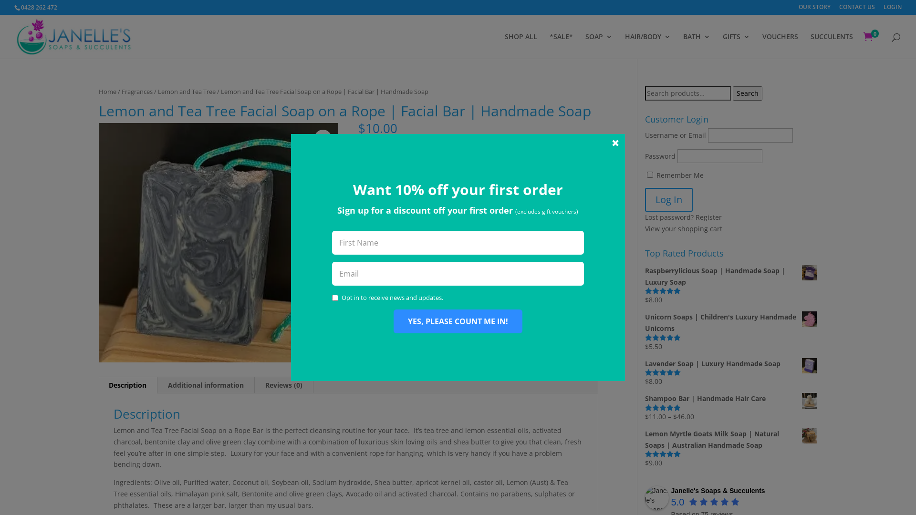  What do you see at coordinates (747, 93) in the screenshot?
I see `'Search'` at bounding box center [747, 93].